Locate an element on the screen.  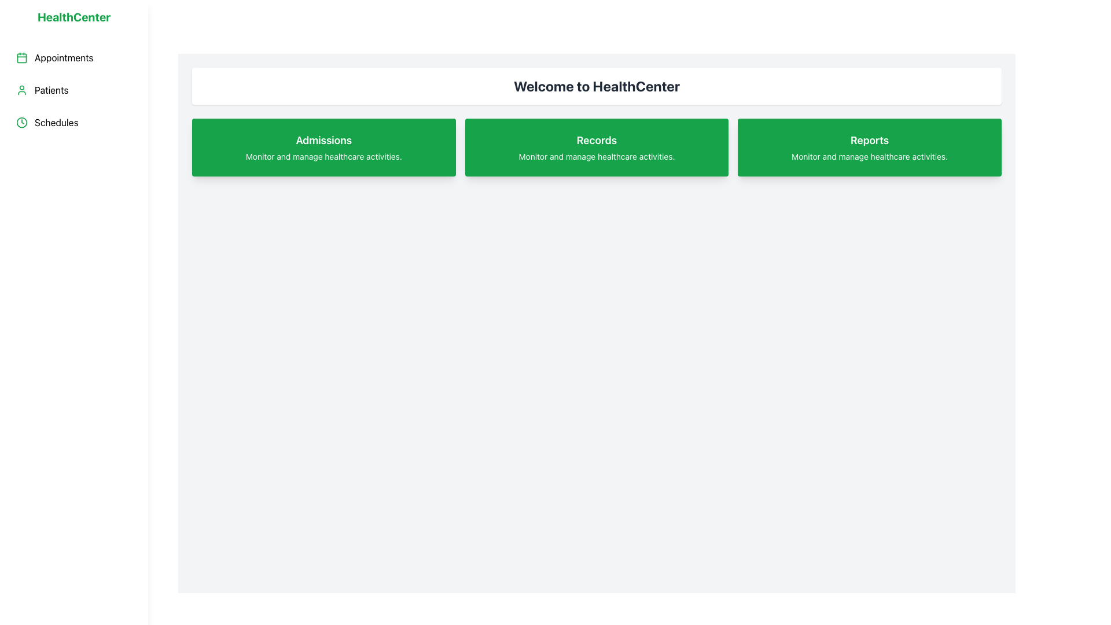
bold text label 'Admissions' located at the center of the top green card beneath the header 'Welcome to HealthCenter.' is located at coordinates (323, 140).